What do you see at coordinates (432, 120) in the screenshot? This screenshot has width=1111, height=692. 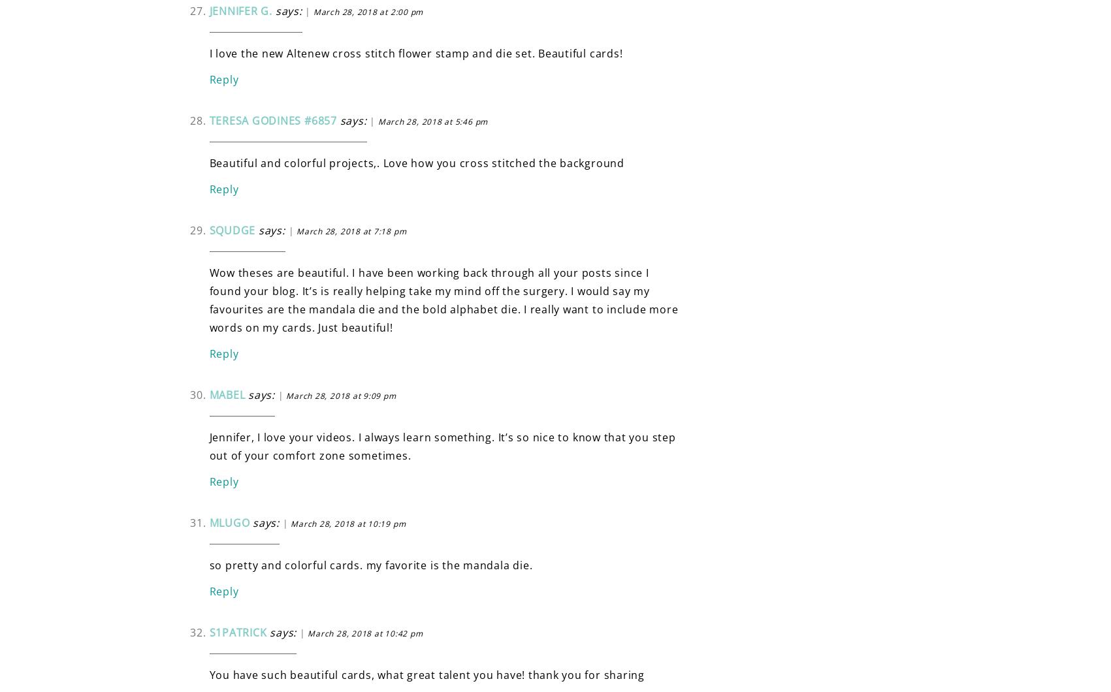 I see `'March 28, 2018 at 5:46 pm'` at bounding box center [432, 120].